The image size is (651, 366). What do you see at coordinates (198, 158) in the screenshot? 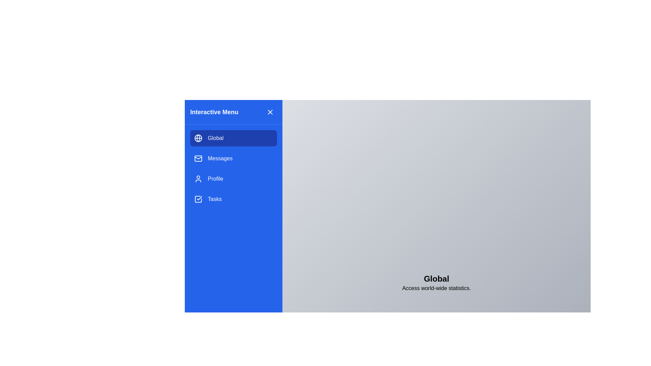
I see `the appearance of the inner rectangular part of the envelope icon in the second row of the navigation menu on the left vertical panel` at bounding box center [198, 158].